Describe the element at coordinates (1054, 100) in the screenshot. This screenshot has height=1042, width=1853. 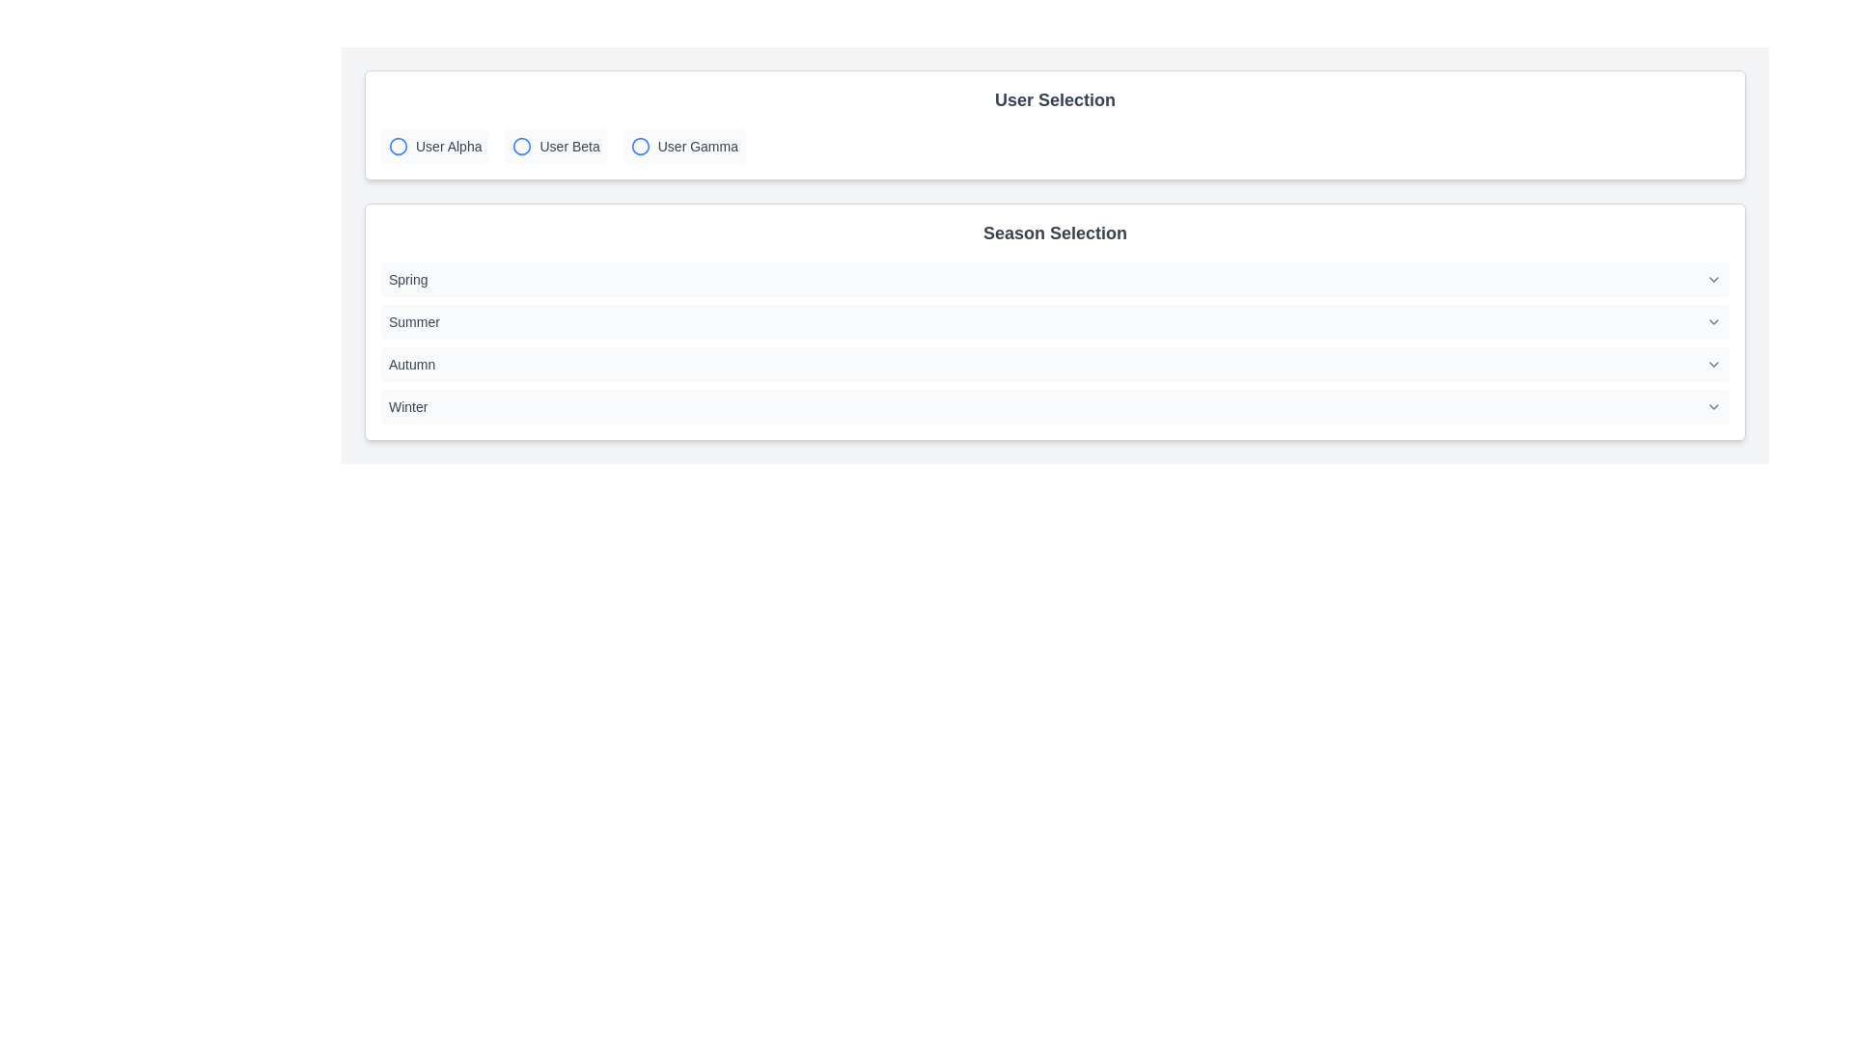
I see `label that serves as the title for the 'User Selection' section, positioned at the top of the section above the user options` at that location.